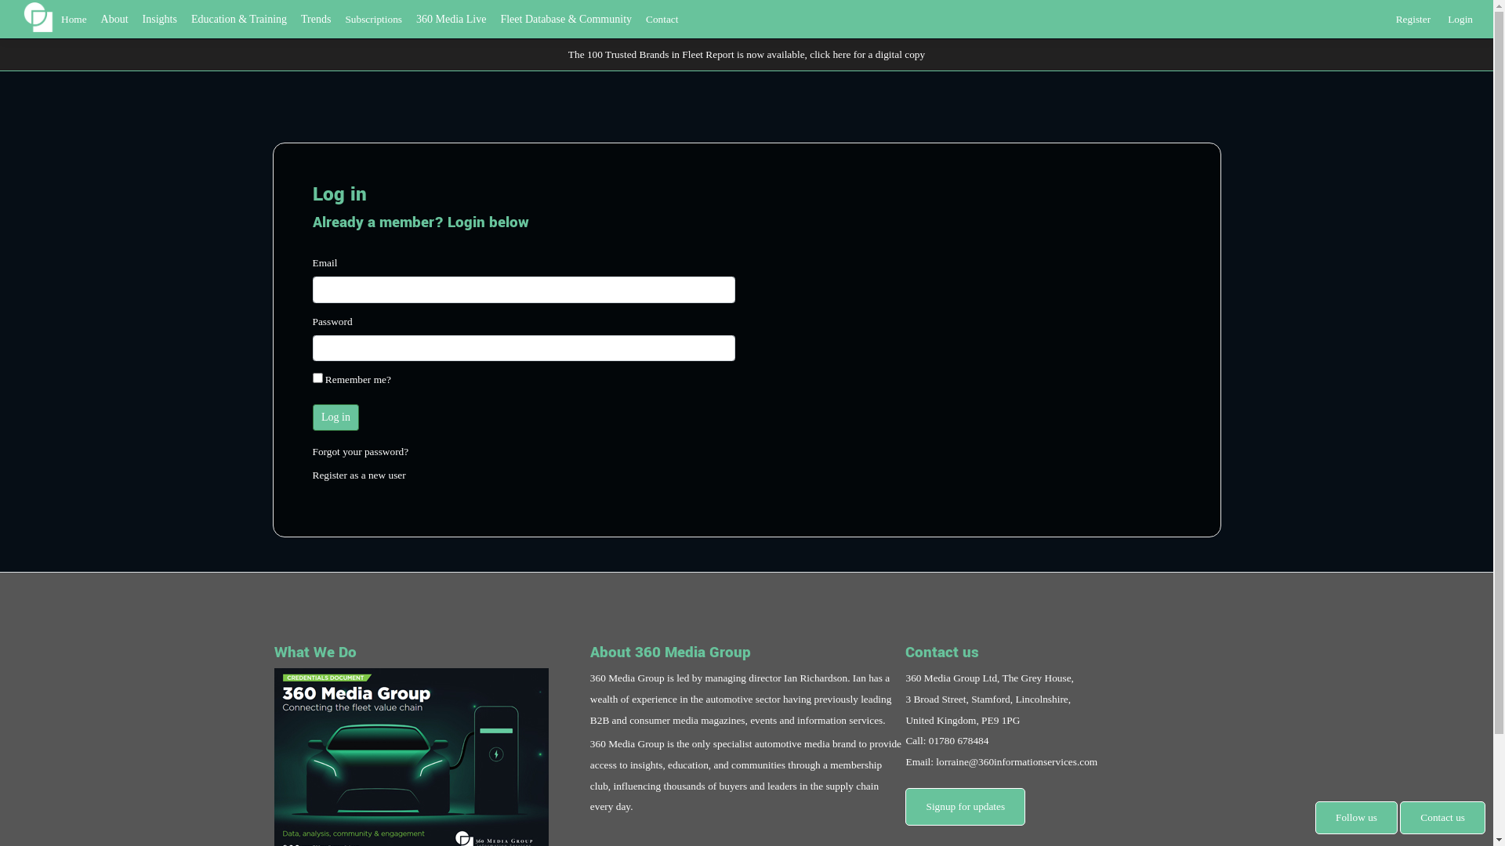  Describe the element at coordinates (1442, 817) in the screenshot. I see `'Contact us'` at that location.